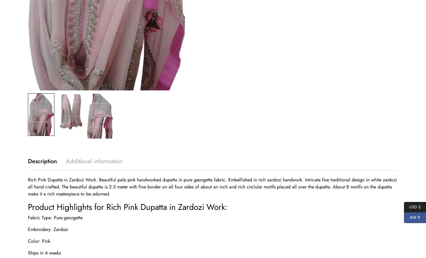 The image size is (426, 258). Describe the element at coordinates (192, 38) in the screenshot. I see `'You can share the product with your friends'` at that location.